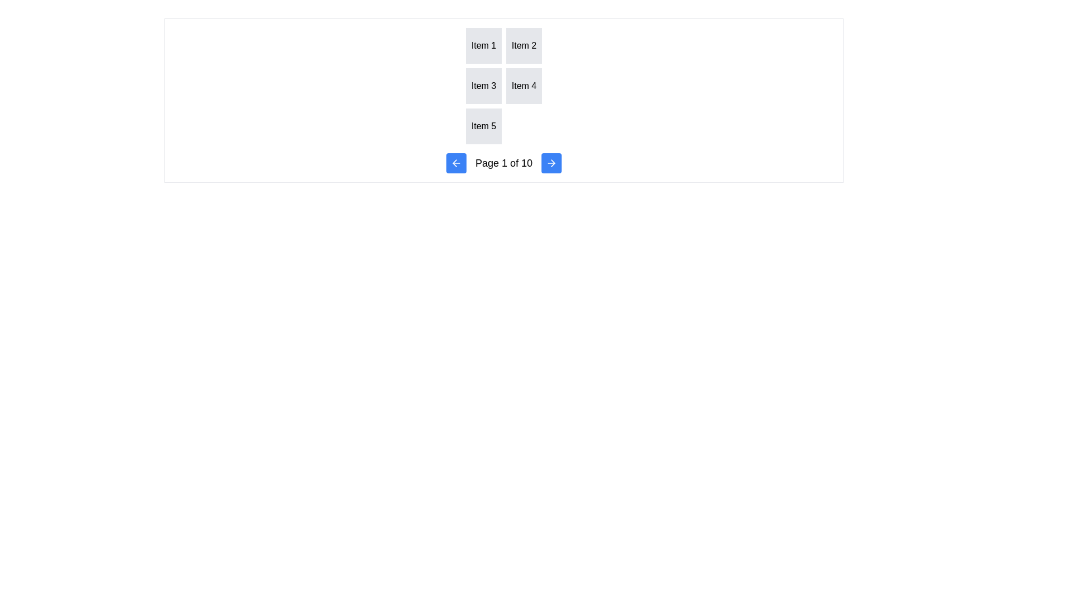  Describe the element at coordinates (483, 45) in the screenshot. I see `the first rectangular grid item in the top-left corner of the grid by moving the cursor to its center point` at that location.